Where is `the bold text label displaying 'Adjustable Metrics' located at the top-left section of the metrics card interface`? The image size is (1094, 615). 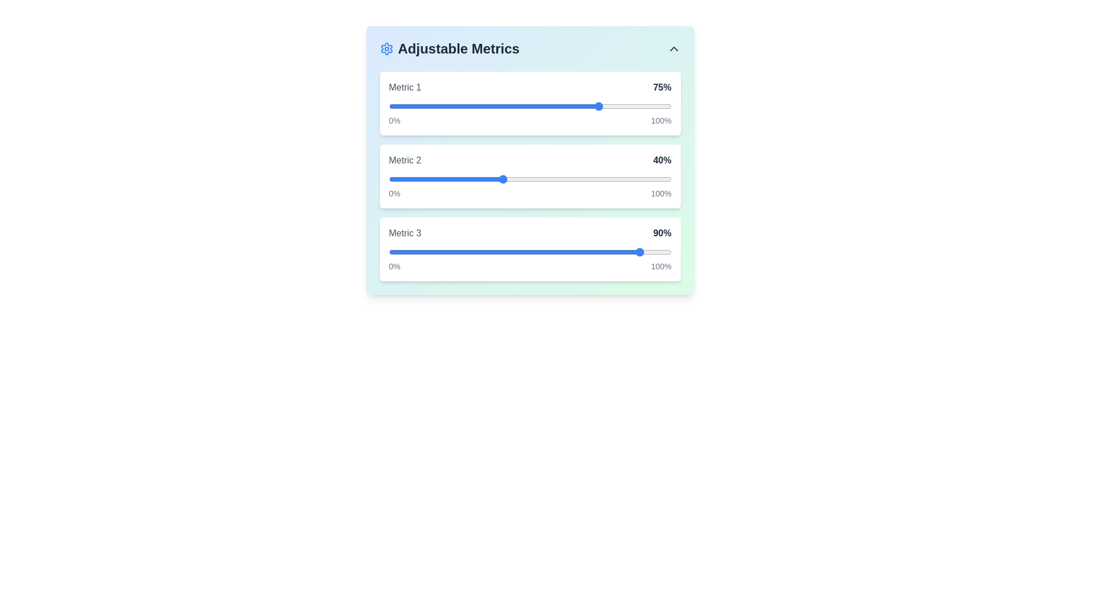
the bold text label displaying 'Adjustable Metrics' located at the top-left section of the metrics card interface is located at coordinates (449, 48).